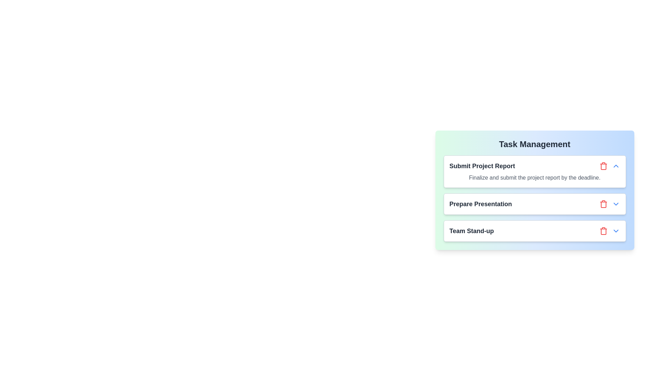  Describe the element at coordinates (616, 231) in the screenshot. I see `the Chevron icon located to the right of the red trash bin icon` at that location.